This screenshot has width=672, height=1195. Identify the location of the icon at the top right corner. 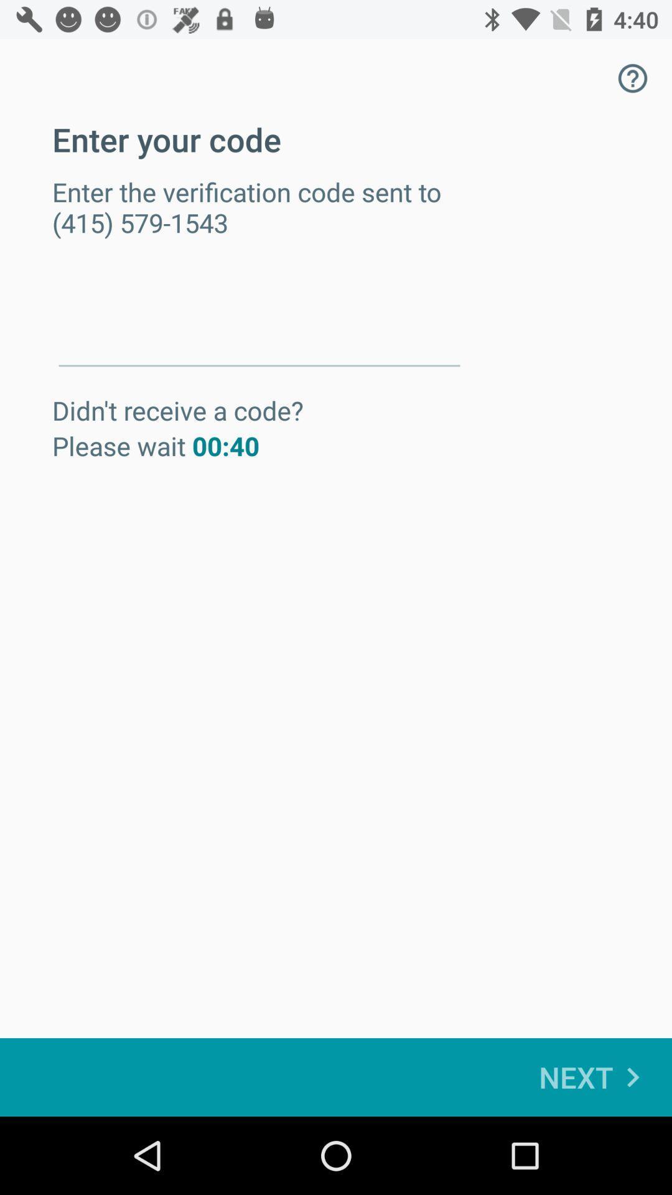
(633, 77).